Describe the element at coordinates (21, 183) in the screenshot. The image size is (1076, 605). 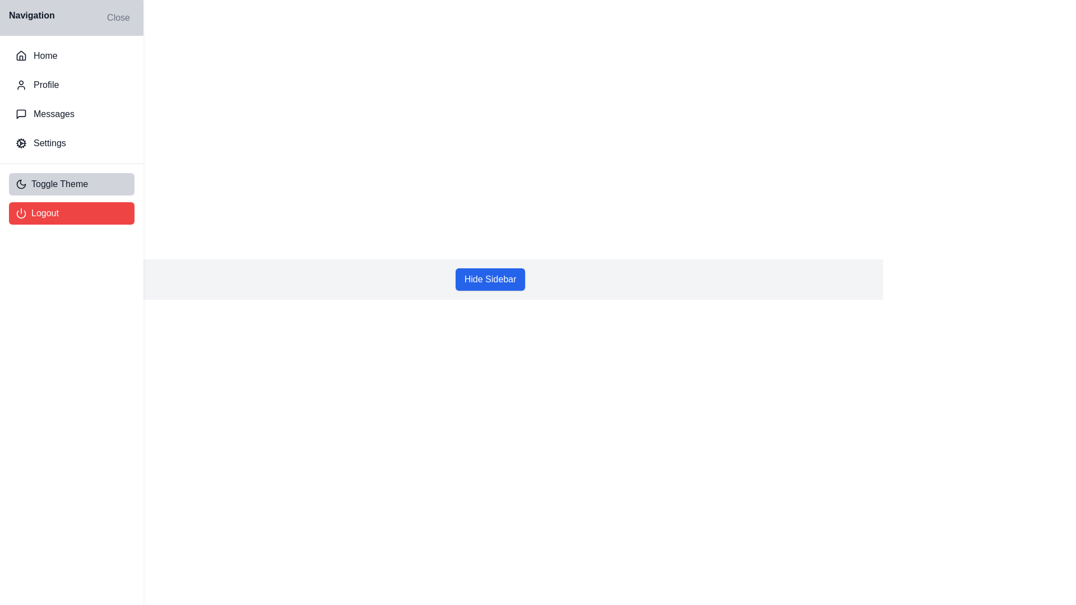
I see `the crescent moon icon that represents the dark mode toggle, located inside the 'Toggle Theme' button, to the left of the button's label text` at that location.